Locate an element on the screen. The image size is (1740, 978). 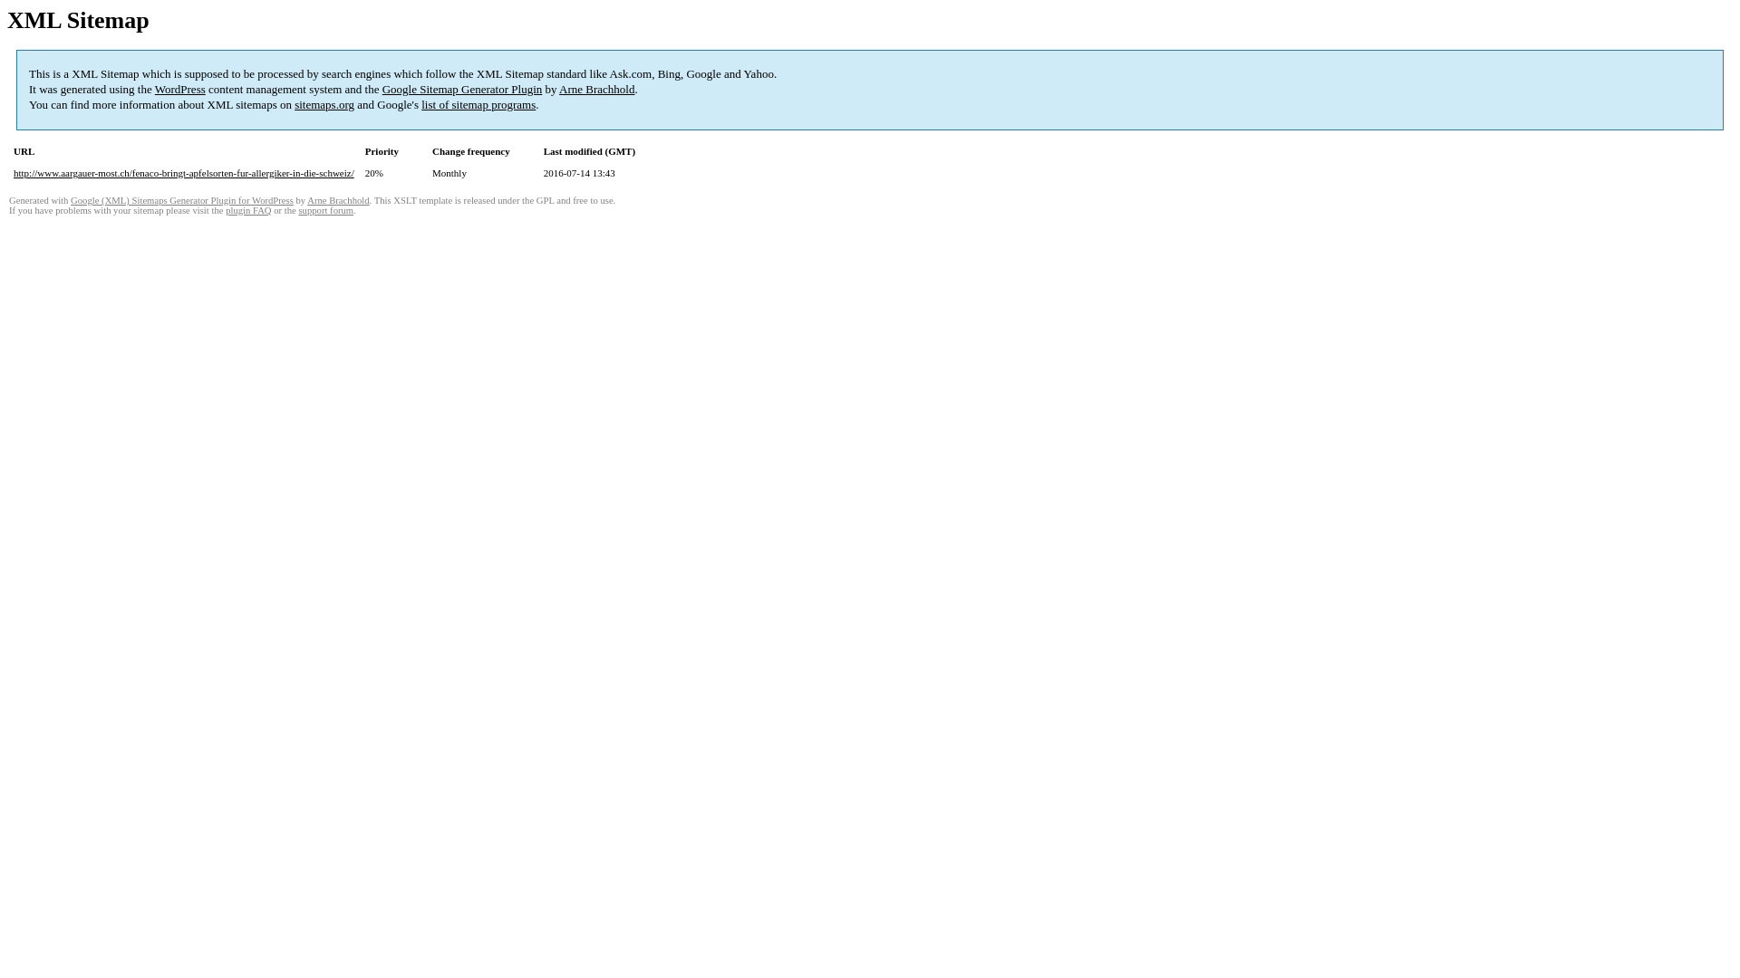
'plugin FAQ' is located at coordinates (246, 209).